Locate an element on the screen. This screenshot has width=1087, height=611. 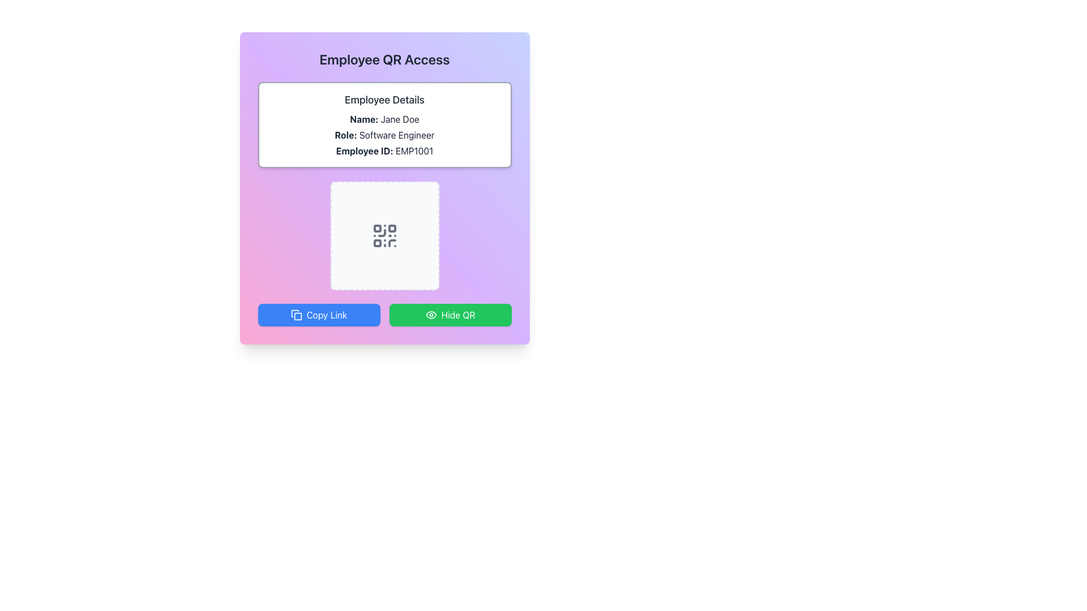
the bottom-left small square within the QR code representation, which is filled with gray color and has rounded corners is located at coordinates (377, 242).